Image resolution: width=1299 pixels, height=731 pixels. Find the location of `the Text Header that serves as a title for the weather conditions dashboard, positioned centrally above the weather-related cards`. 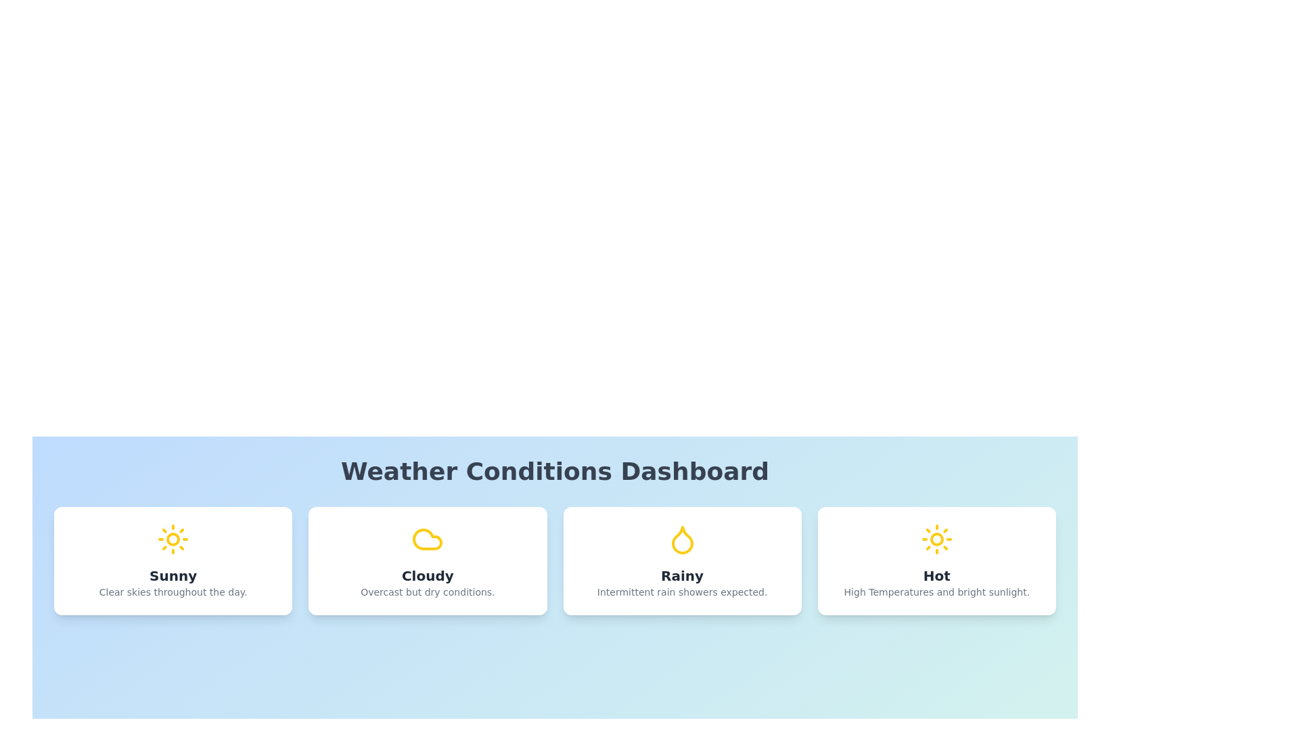

the Text Header that serves as a title for the weather conditions dashboard, positioned centrally above the weather-related cards is located at coordinates (555, 471).